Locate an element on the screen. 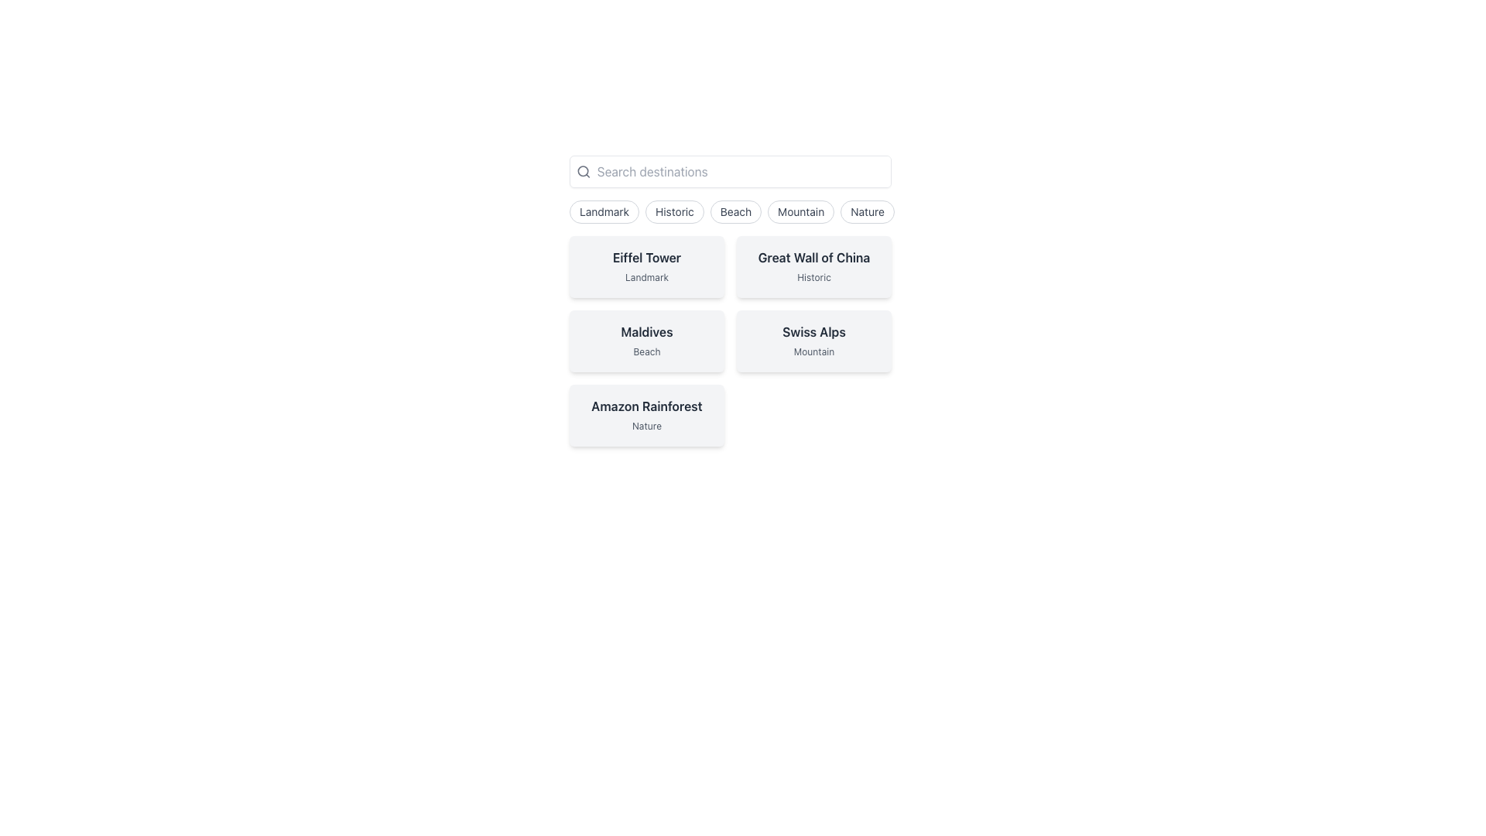 The image size is (1486, 836). the search icon located in the leftmost section of the horizontal search bar above the input field labeled 'Search destinations' to initiate a search is located at coordinates (583, 172).